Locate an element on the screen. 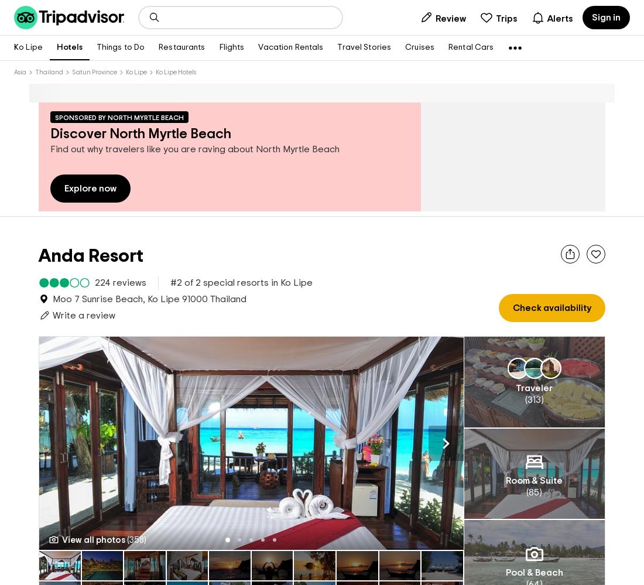 The height and width of the screenshot is (585, 644). 'Cruises' is located at coordinates (419, 47).